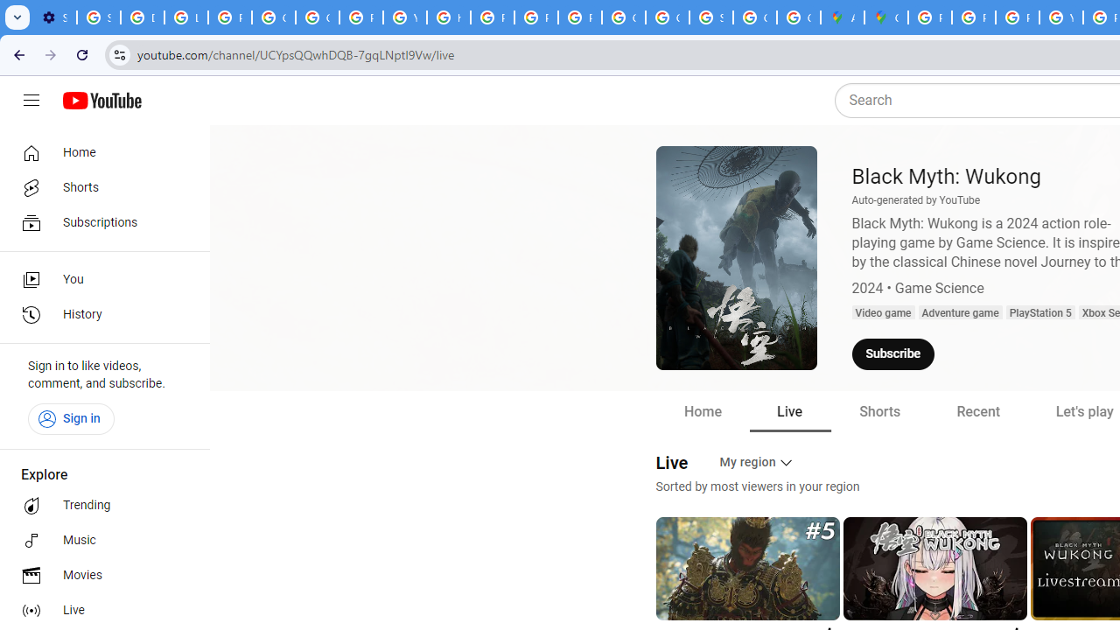 This screenshot has width=1120, height=630. Describe the element at coordinates (929, 17) in the screenshot. I see `'Policy Accountability and Transparency - Transparency Center'` at that location.